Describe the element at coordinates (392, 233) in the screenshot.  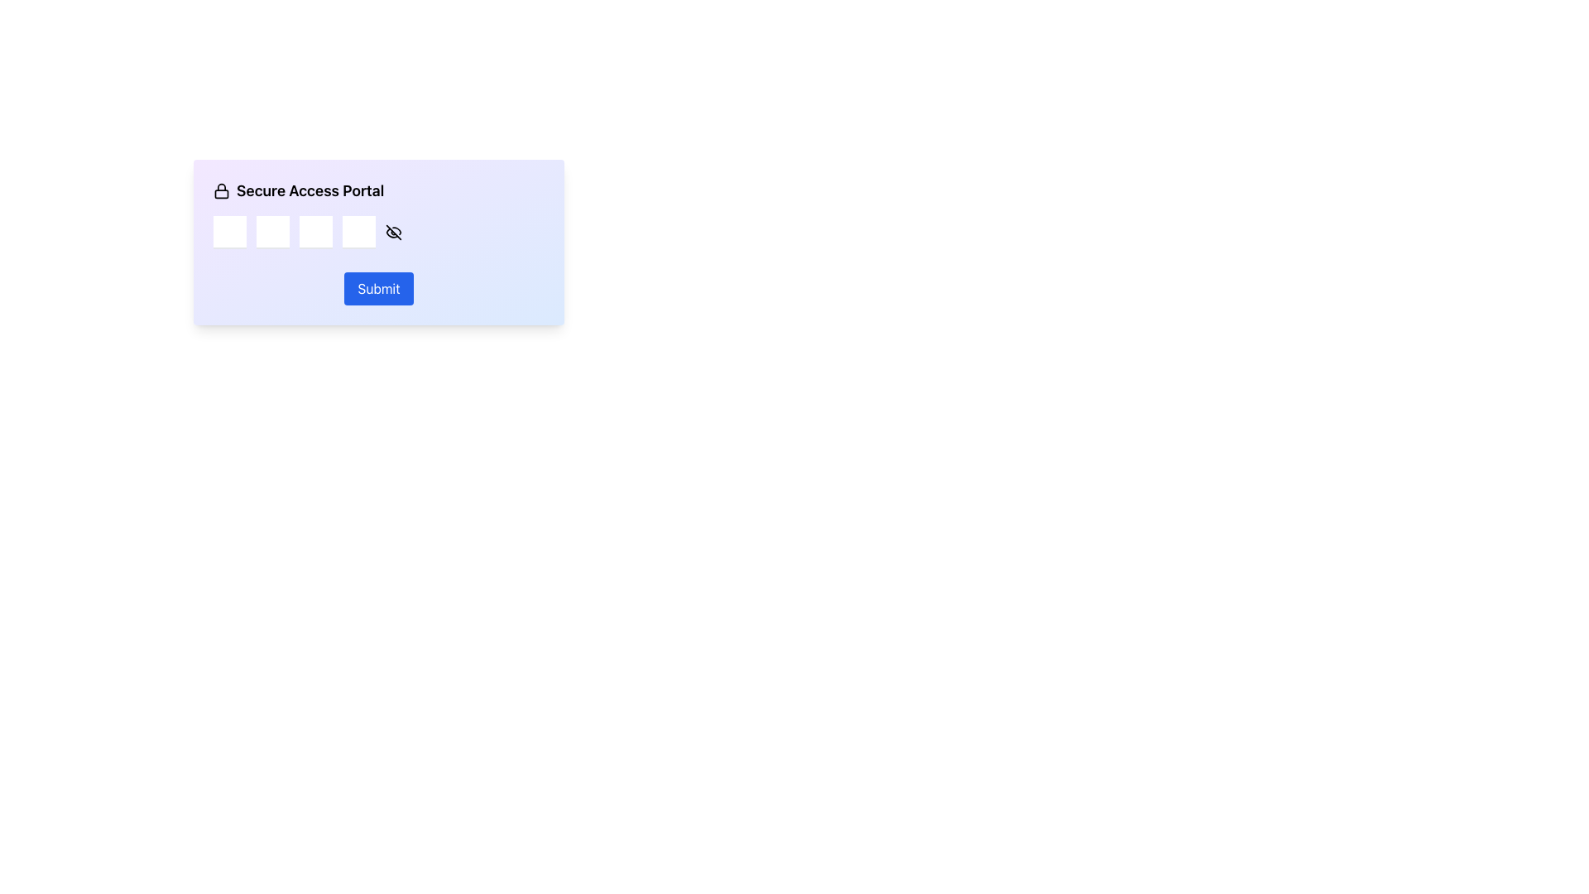
I see `the crossed-out eye icon, which indicates visibility toggle, located to the right of four square input fields in the 'Secure Access Portal' form` at that location.